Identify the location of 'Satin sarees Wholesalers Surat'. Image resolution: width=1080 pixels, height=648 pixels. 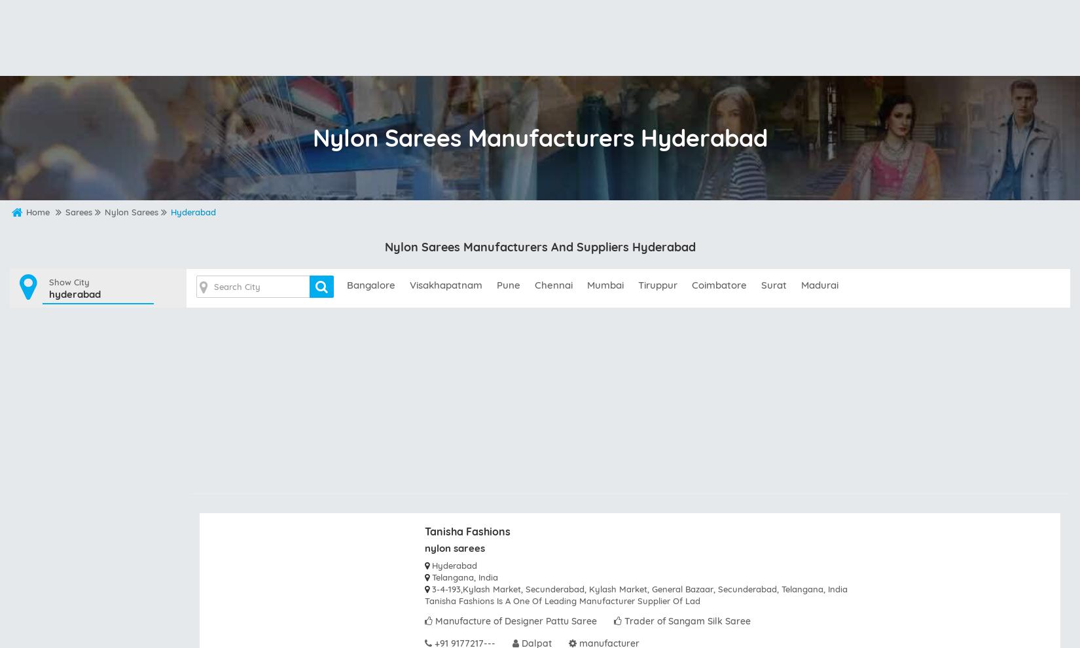
(419, 131).